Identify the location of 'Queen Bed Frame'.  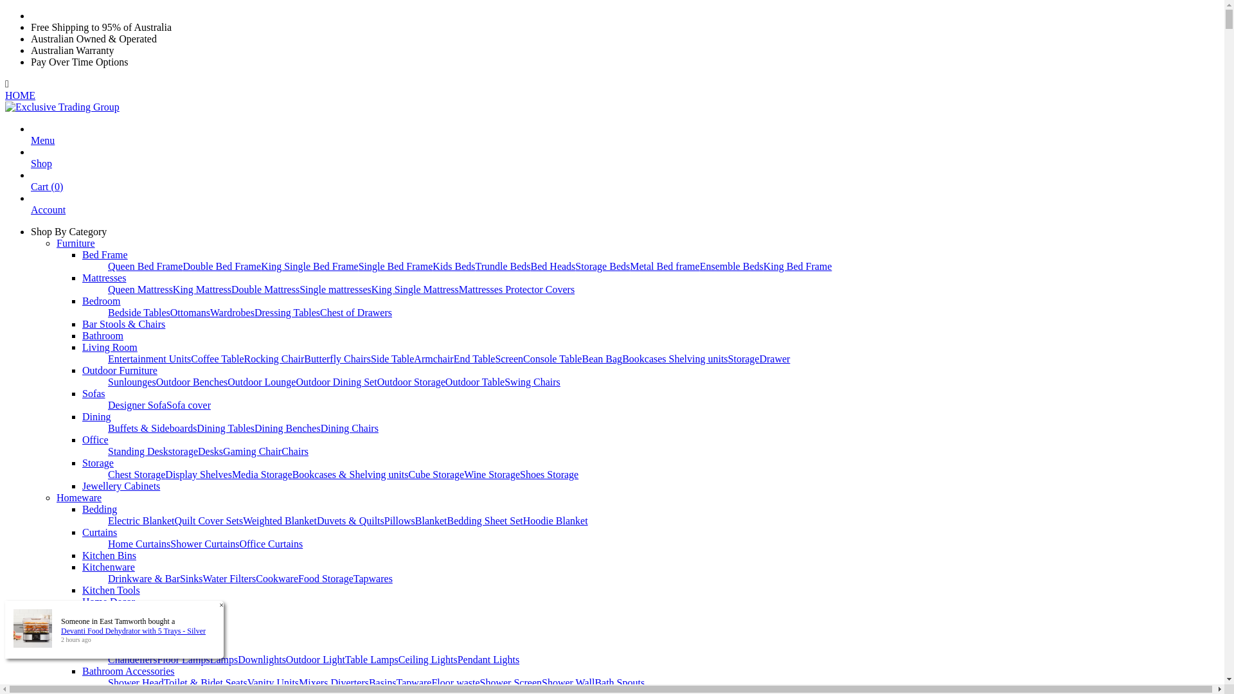
(145, 265).